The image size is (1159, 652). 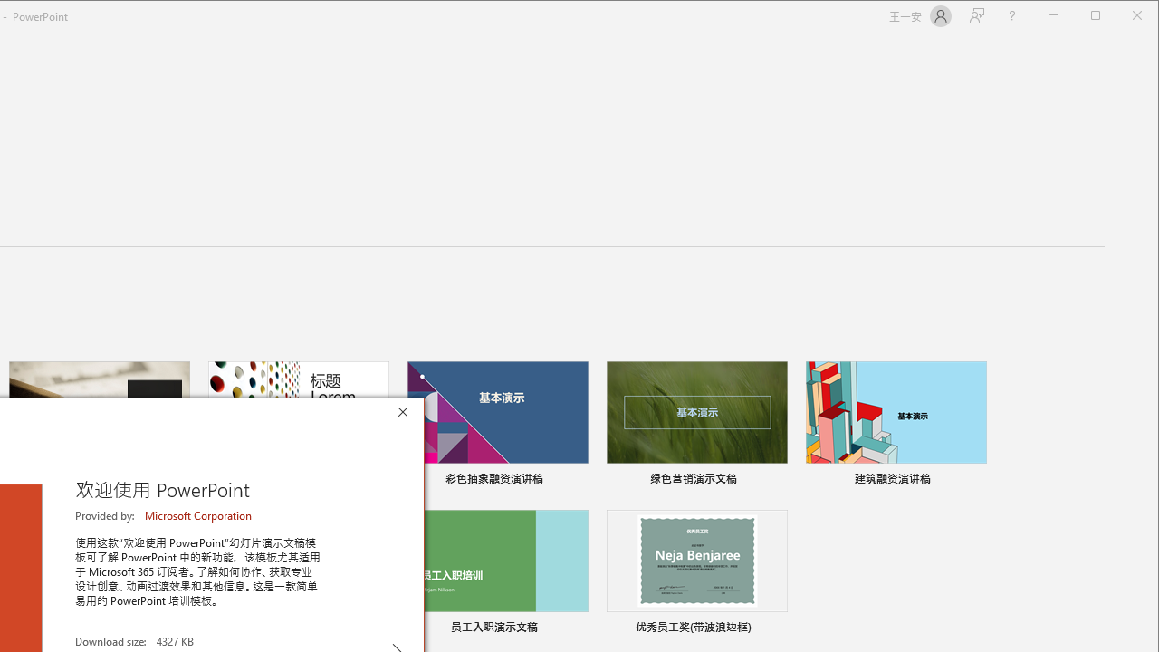 What do you see at coordinates (775, 628) in the screenshot?
I see `'Pin to list'` at bounding box center [775, 628].